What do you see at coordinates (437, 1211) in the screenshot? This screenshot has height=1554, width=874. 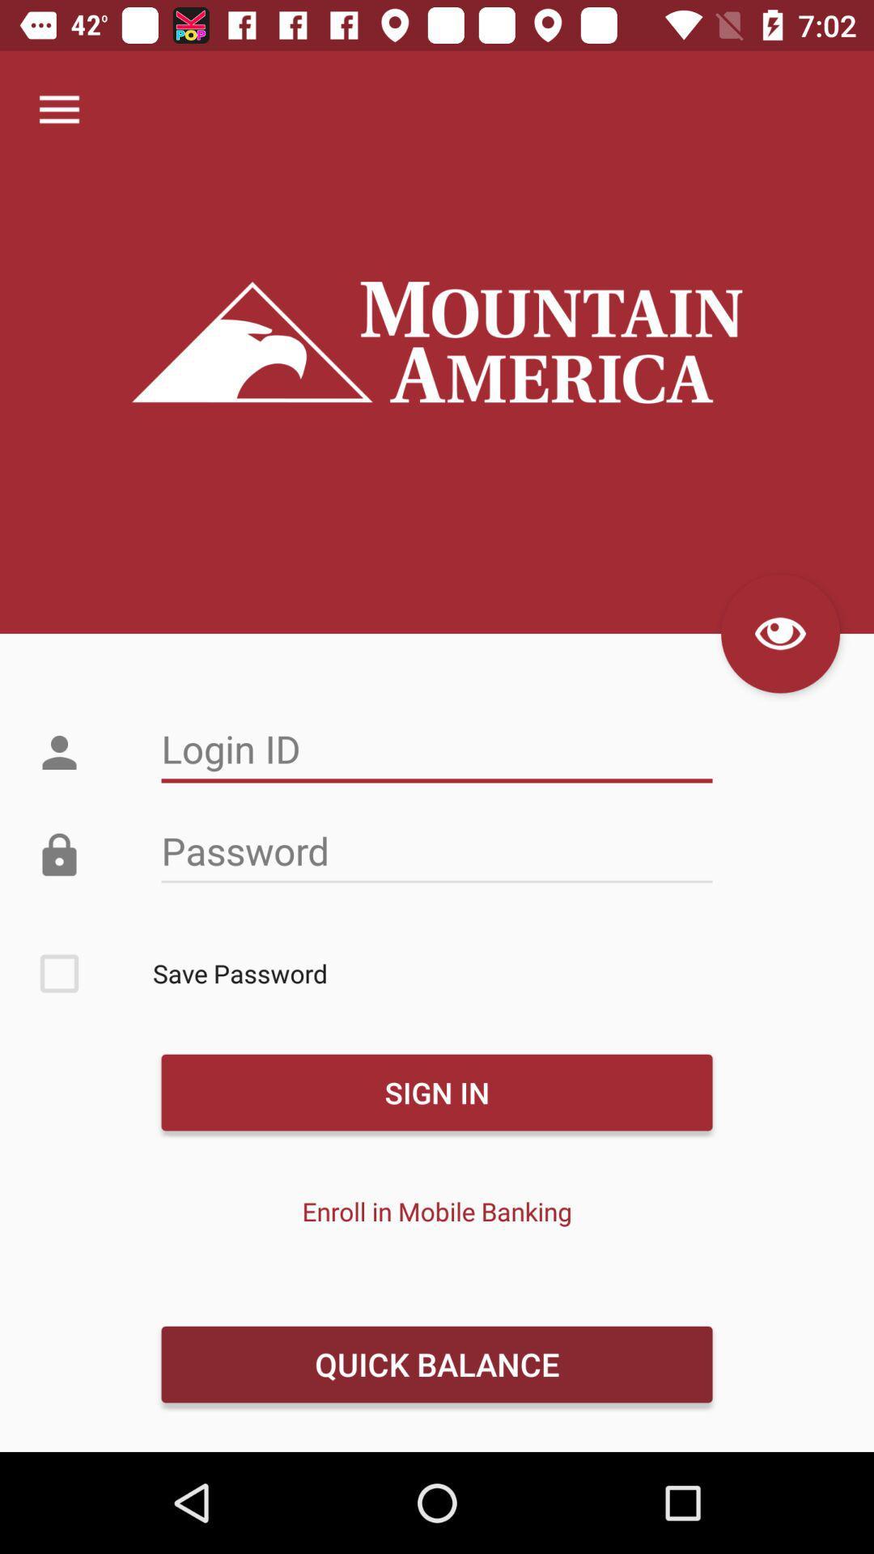 I see `enroll in mobile item` at bounding box center [437, 1211].